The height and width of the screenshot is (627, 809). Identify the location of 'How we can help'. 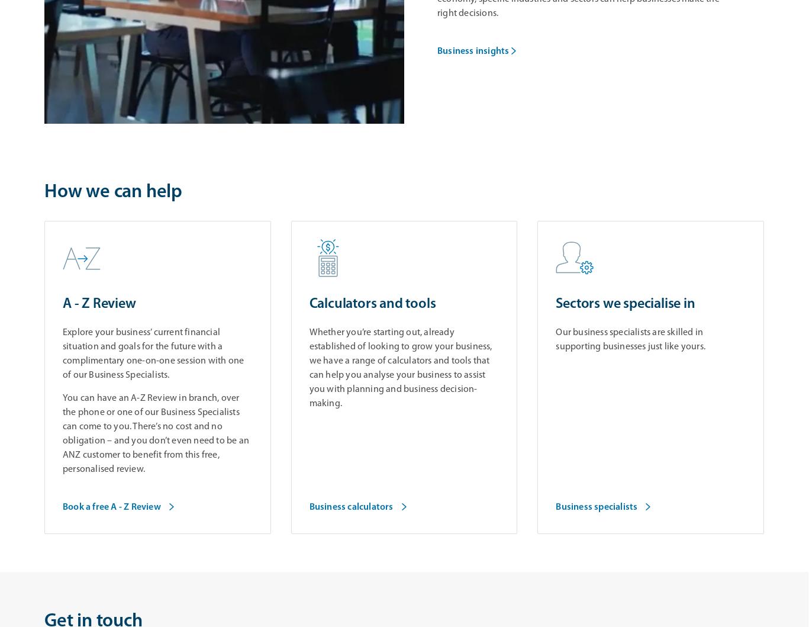
(112, 192).